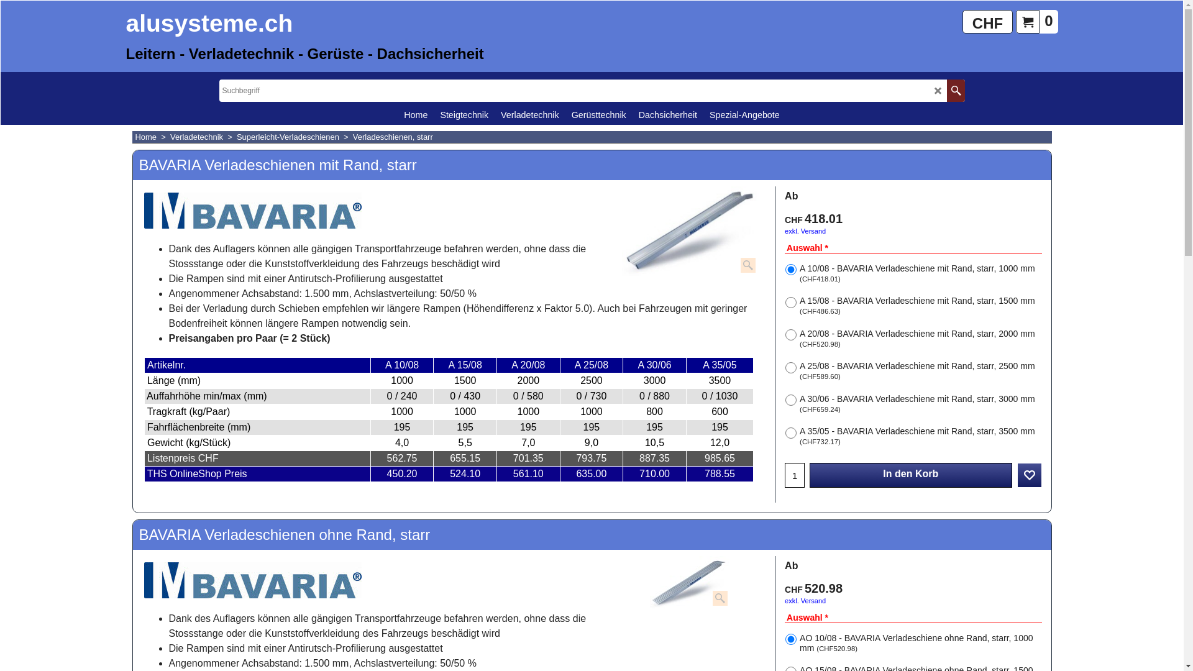 Image resolution: width=1193 pixels, height=671 pixels. Describe the element at coordinates (1036, 21) in the screenshot. I see `'0'` at that location.